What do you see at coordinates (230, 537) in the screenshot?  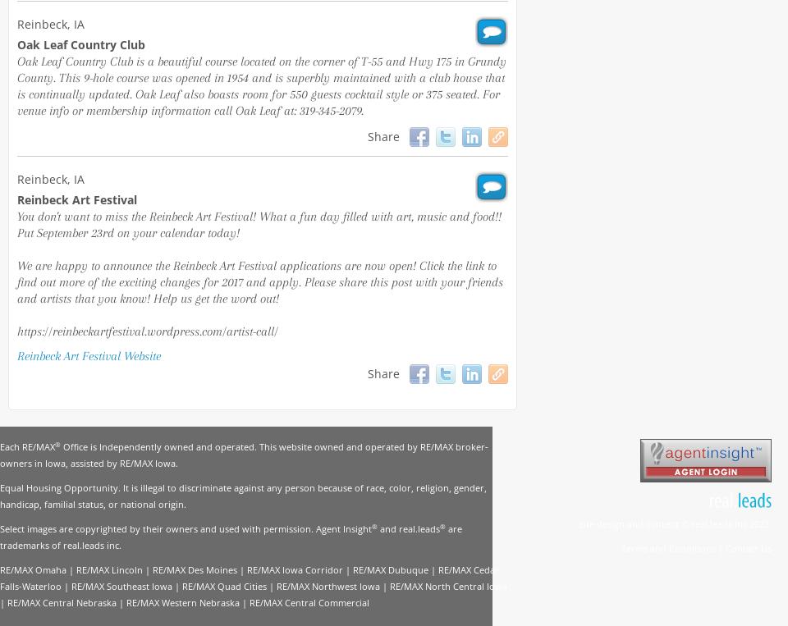 I see `'are trademarks of real.leads'` at bounding box center [230, 537].